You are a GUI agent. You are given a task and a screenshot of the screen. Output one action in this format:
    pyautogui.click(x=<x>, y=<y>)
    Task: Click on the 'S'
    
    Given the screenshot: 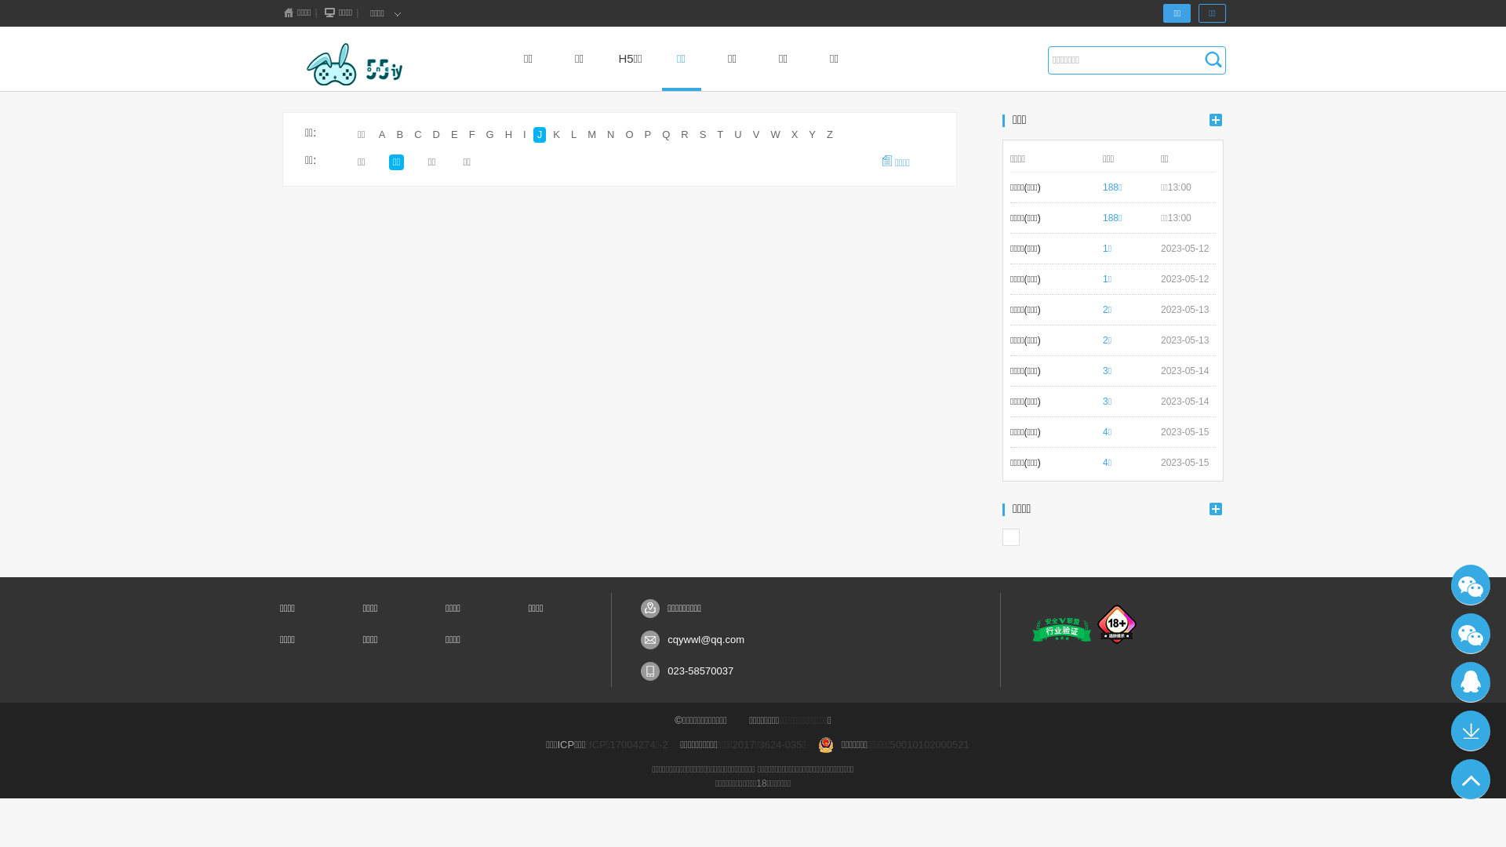 What is the action you would take?
    pyautogui.click(x=702, y=134)
    